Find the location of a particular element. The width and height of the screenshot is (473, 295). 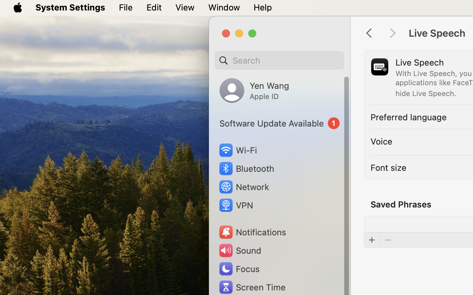

'Sound' is located at coordinates (239, 250).